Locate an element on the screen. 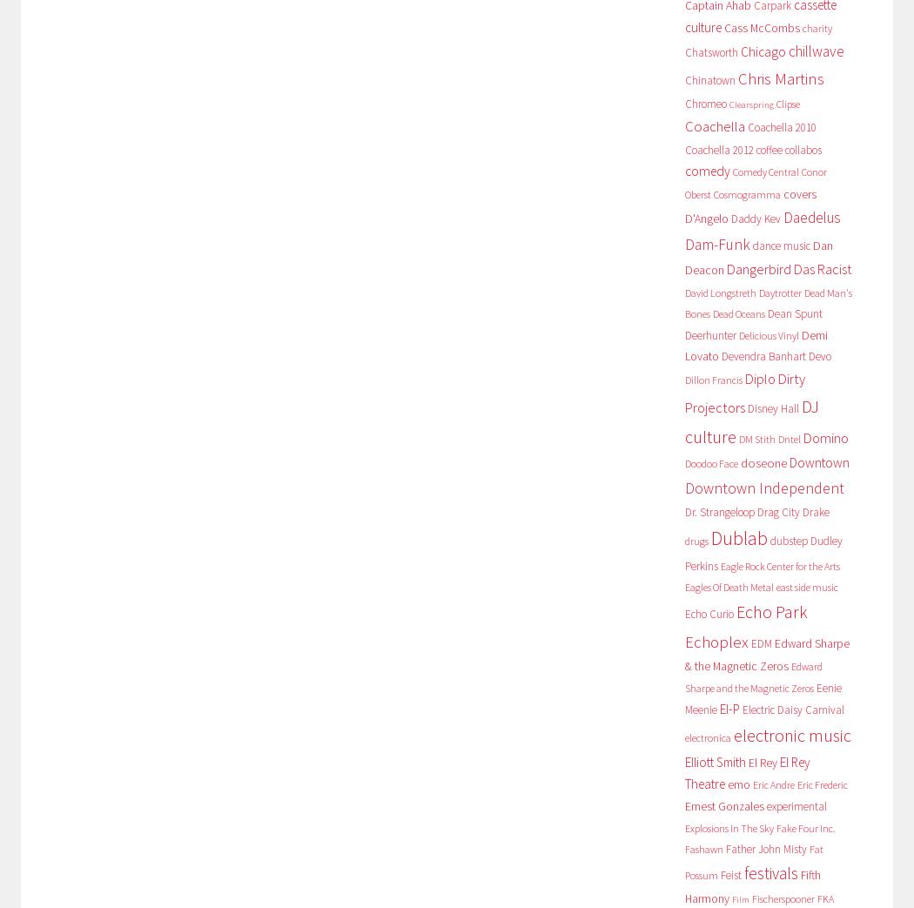  'Eagle Rock Center for the Arts' is located at coordinates (778, 565).